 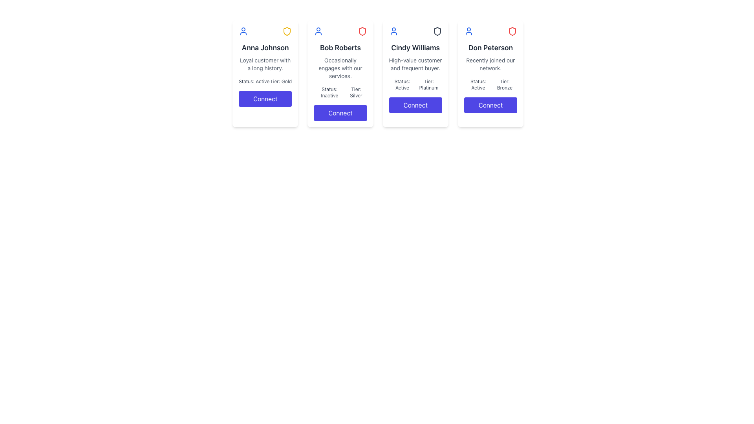 I want to click on the header text element that serves as the title or name of the individual in the third card of a horizontally aligned group of four cards, so click(x=415, y=48).